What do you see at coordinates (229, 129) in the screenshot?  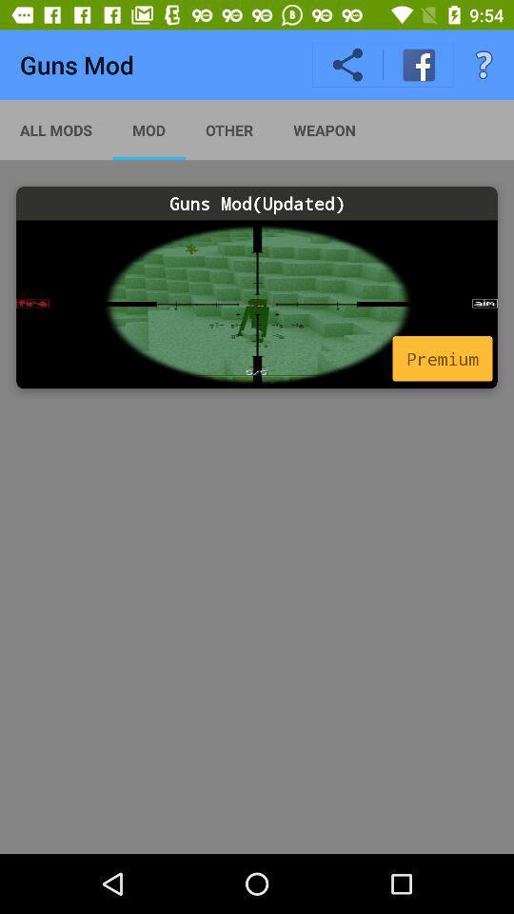 I see `other item` at bounding box center [229, 129].